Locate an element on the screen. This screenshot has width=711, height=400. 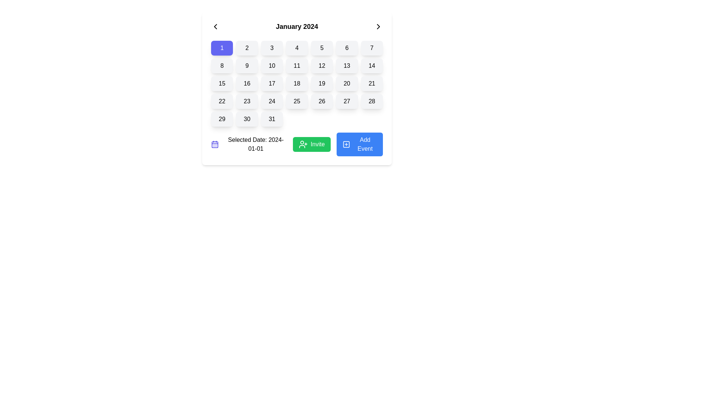
the calendar day cell displaying the number '27', which is located in the 7th column and 4th row of the grid, characterized by its rounded corners and light gray background is located at coordinates (346, 101).